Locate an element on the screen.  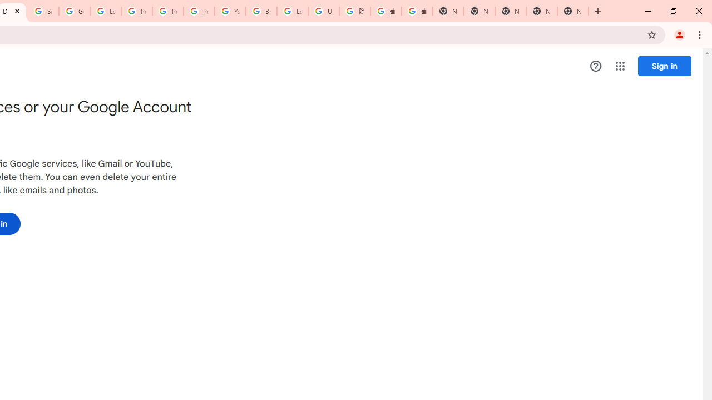
'Google apps' is located at coordinates (619, 66).